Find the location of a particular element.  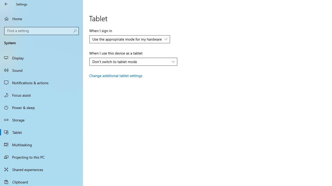

'Home' is located at coordinates (41, 18).